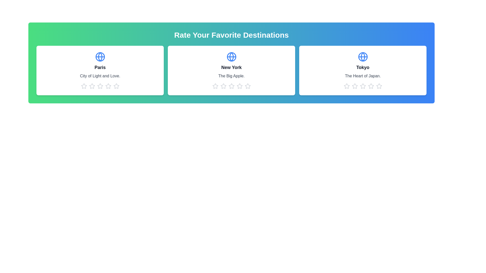  I want to click on the 1 star icon for the destination Tokyo, so click(346, 86).